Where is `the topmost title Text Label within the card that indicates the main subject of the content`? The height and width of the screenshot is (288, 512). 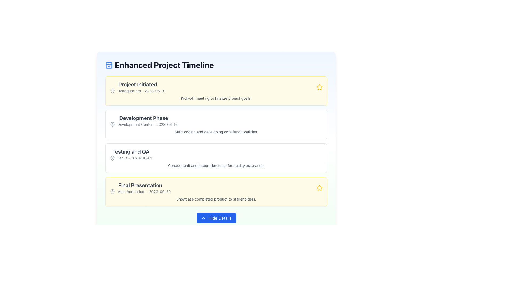
the topmost title Text Label within the card that indicates the main subject of the content is located at coordinates (138, 84).